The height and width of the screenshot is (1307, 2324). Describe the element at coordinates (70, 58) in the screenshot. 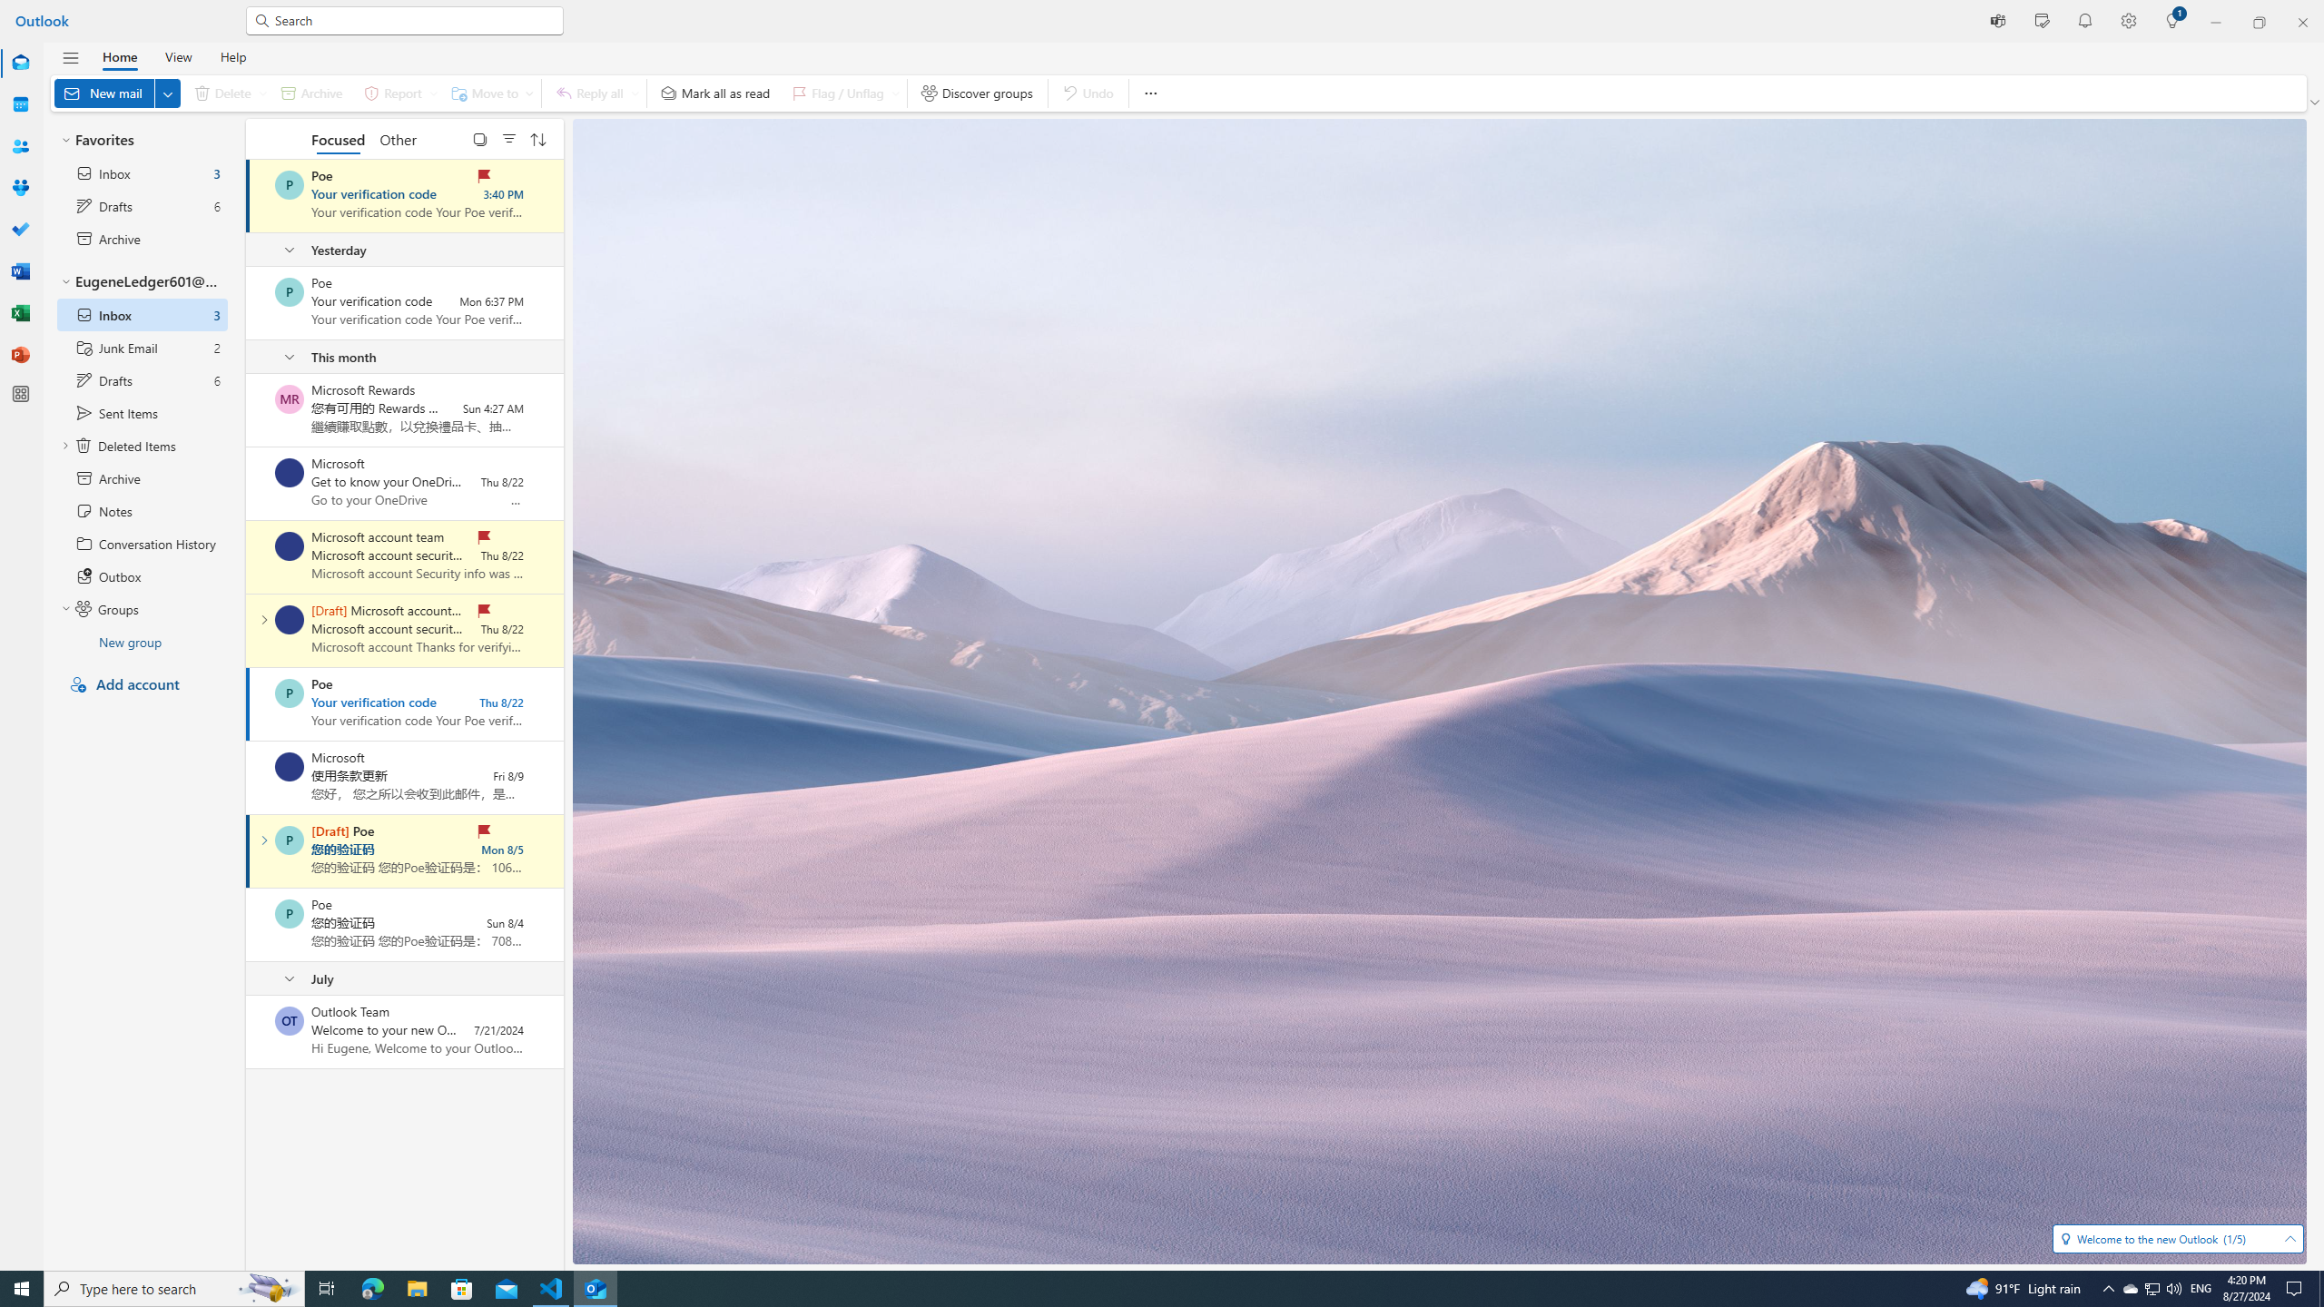

I see `'Hide navigation pane'` at that location.